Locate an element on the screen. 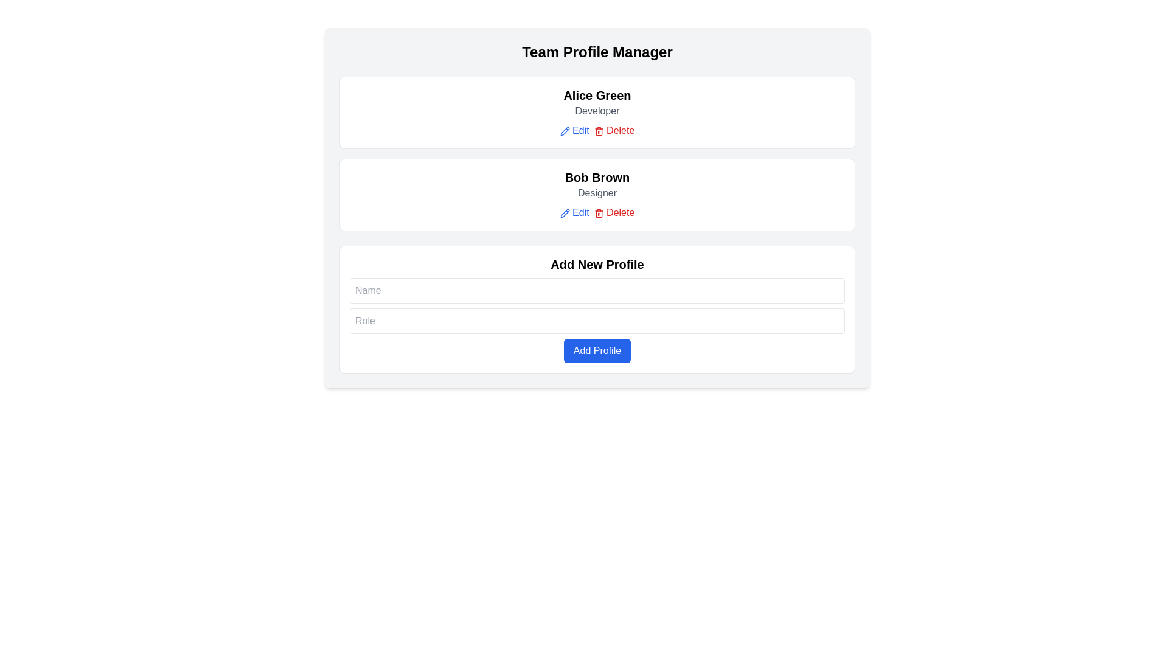 The height and width of the screenshot is (657, 1168). the pencil icon used for editing the profile entry next to 'Bob Brown' is located at coordinates (564, 131).